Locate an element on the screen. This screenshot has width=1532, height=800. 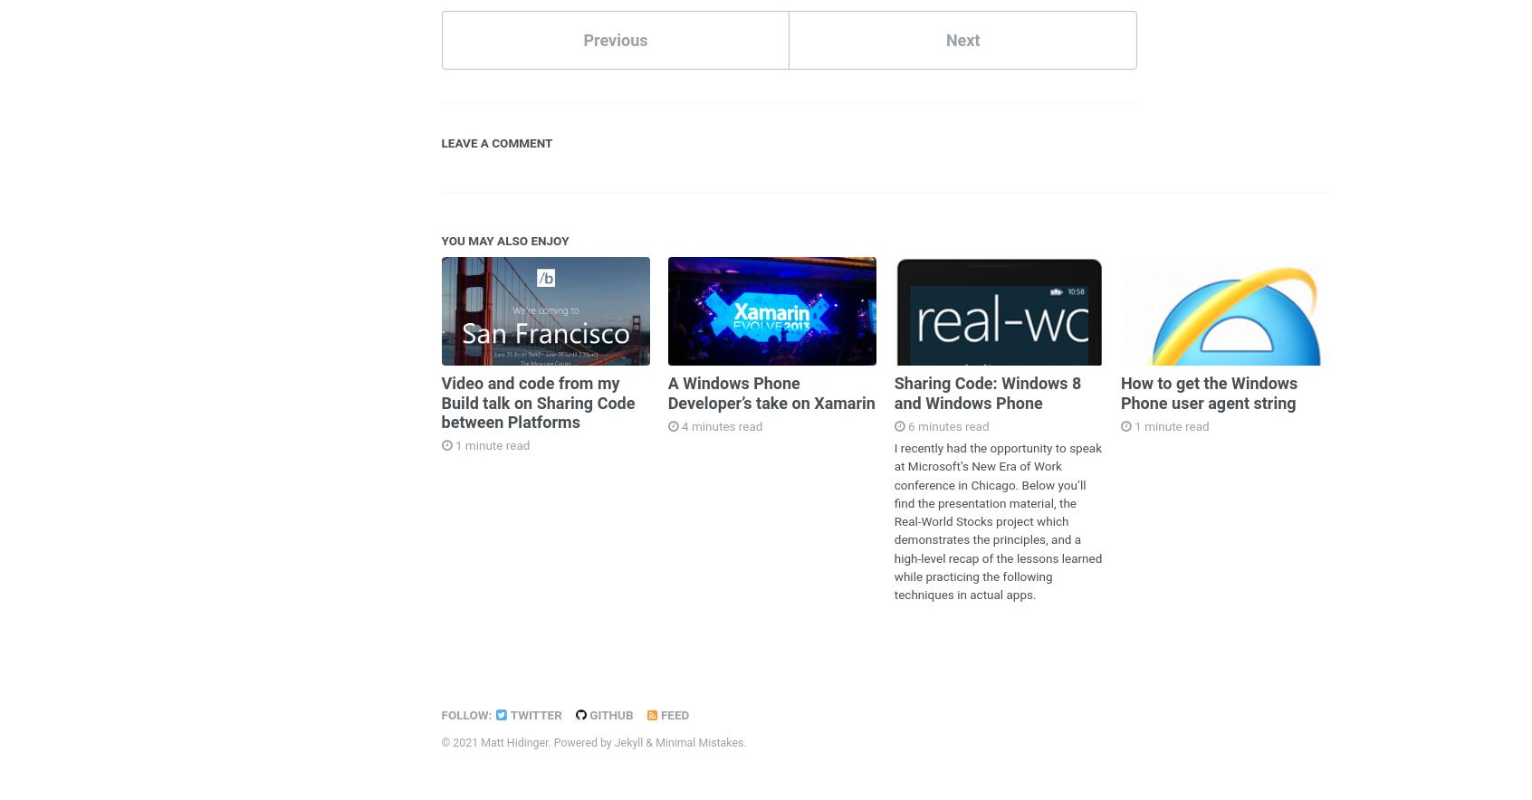
'.' is located at coordinates (744, 741).